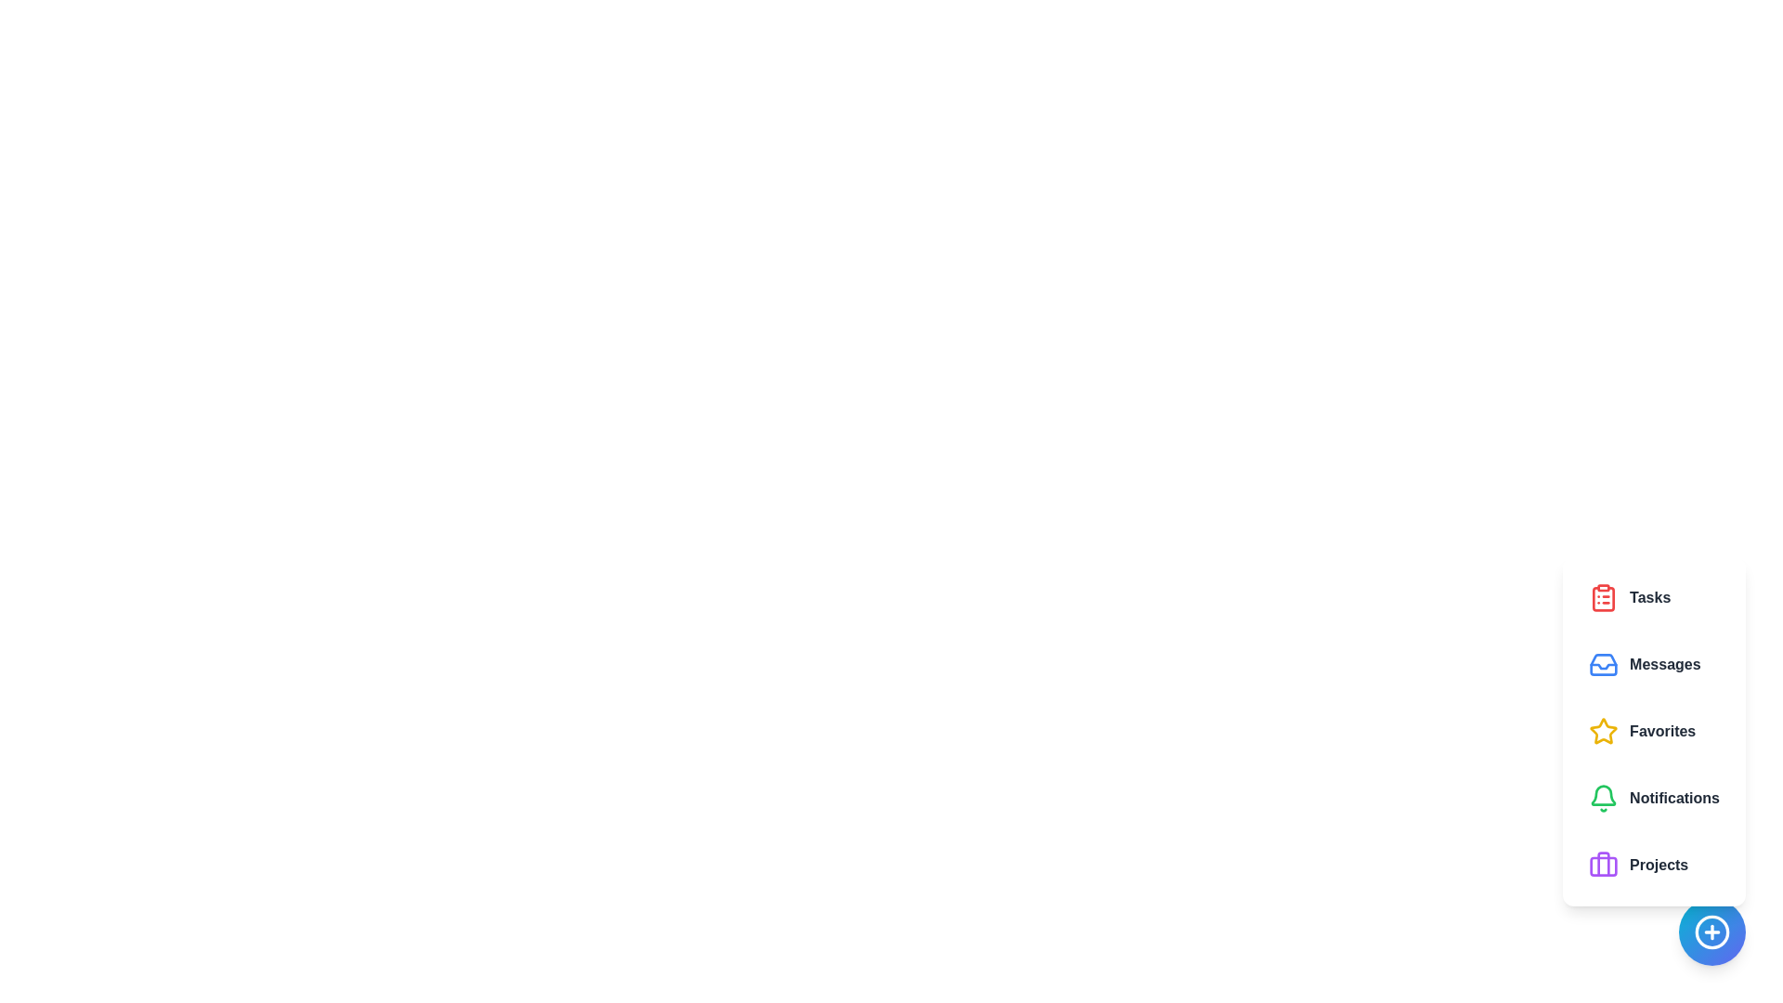  I want to click on the feature button corresponding to Favorites, so click(1653, 730).